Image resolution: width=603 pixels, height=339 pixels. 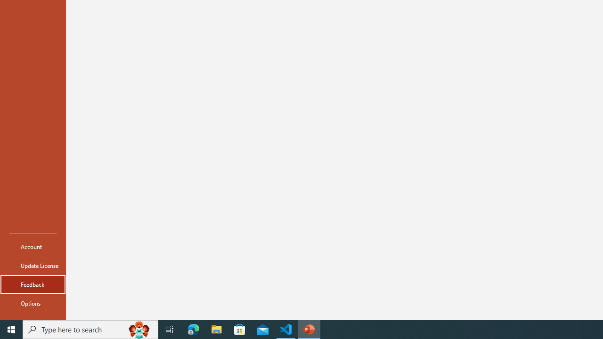 I want to click on 'Feedback', so click(x=33, y=284).